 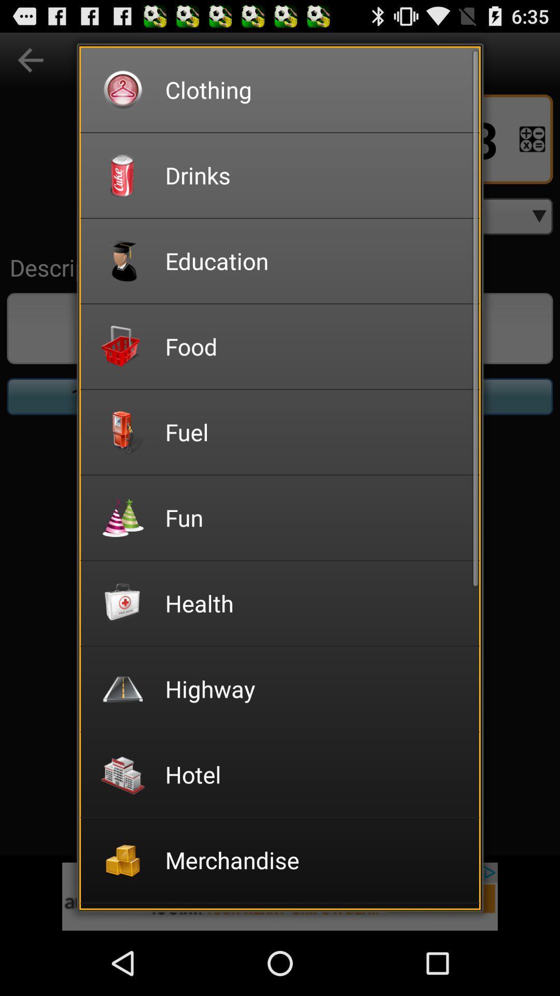 What do you see at coordinates (315, 432) in the screenshot?
I see `fuel item` at bounding box center [315, 432].